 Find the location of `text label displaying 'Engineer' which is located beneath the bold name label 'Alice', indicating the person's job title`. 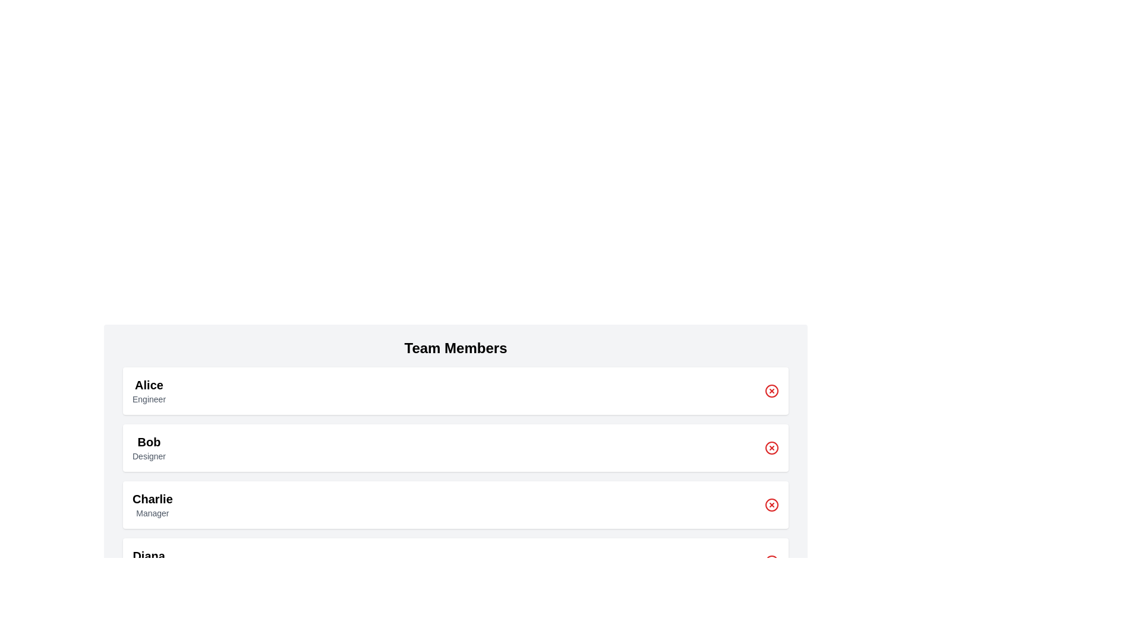

text label displaying 'Engineer' which is located beneath the bold name label 'Alice', indicating the person's job title is located at coordinates (148, 399).